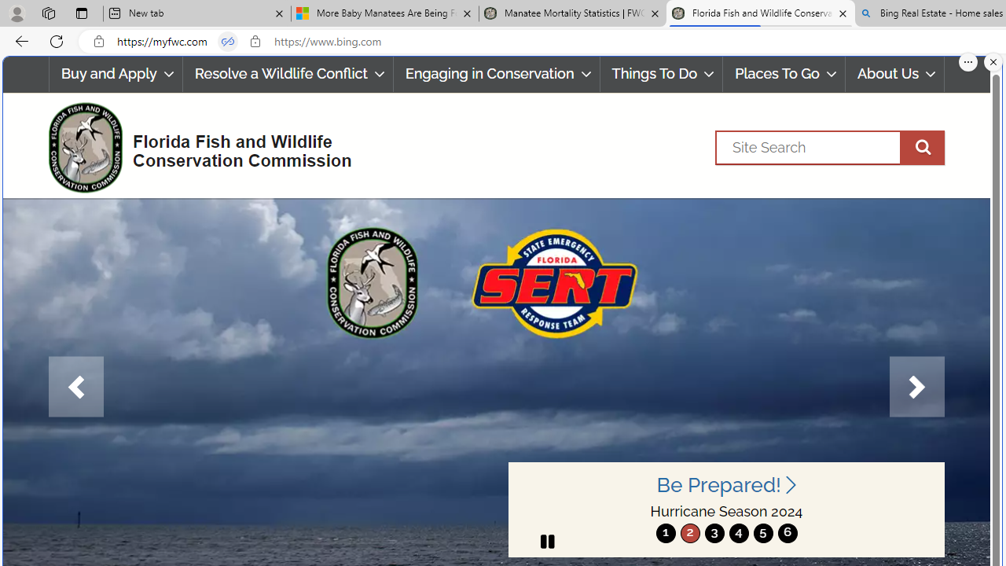 This screenshot has height=566, width=1006. Describe the element at coordinates (661, 74) in the screenshot. I see `'Things To Do'` at that location.